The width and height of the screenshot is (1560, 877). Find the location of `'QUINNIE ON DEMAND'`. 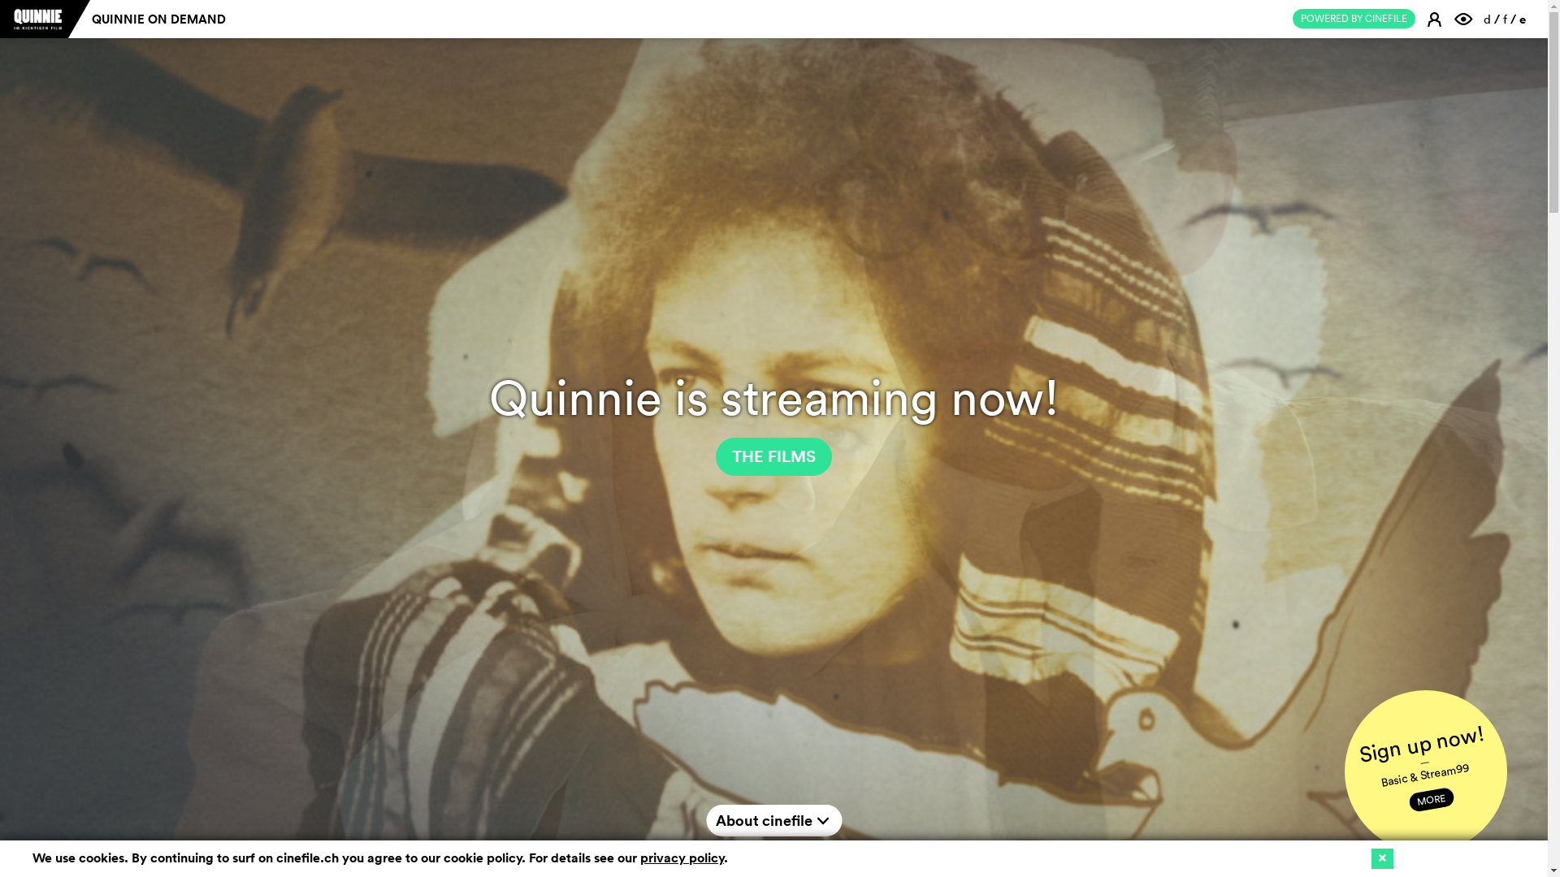

'QUINNIE ON DEMAND' is located at coordinates (158, 19).